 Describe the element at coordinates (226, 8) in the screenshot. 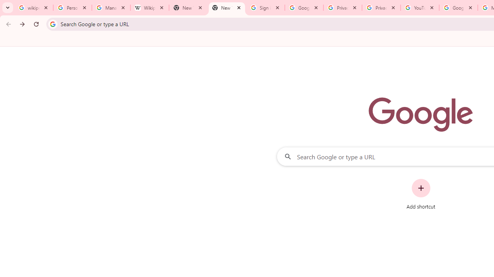

I see `'New Tab'` at that location.